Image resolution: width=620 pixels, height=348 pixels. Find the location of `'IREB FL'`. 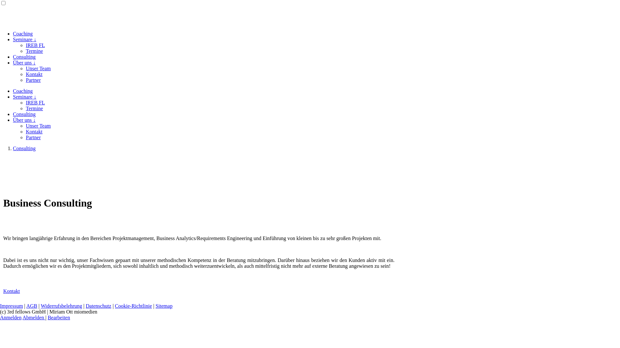

'IREB FL' is located at coordinates (35, 102).